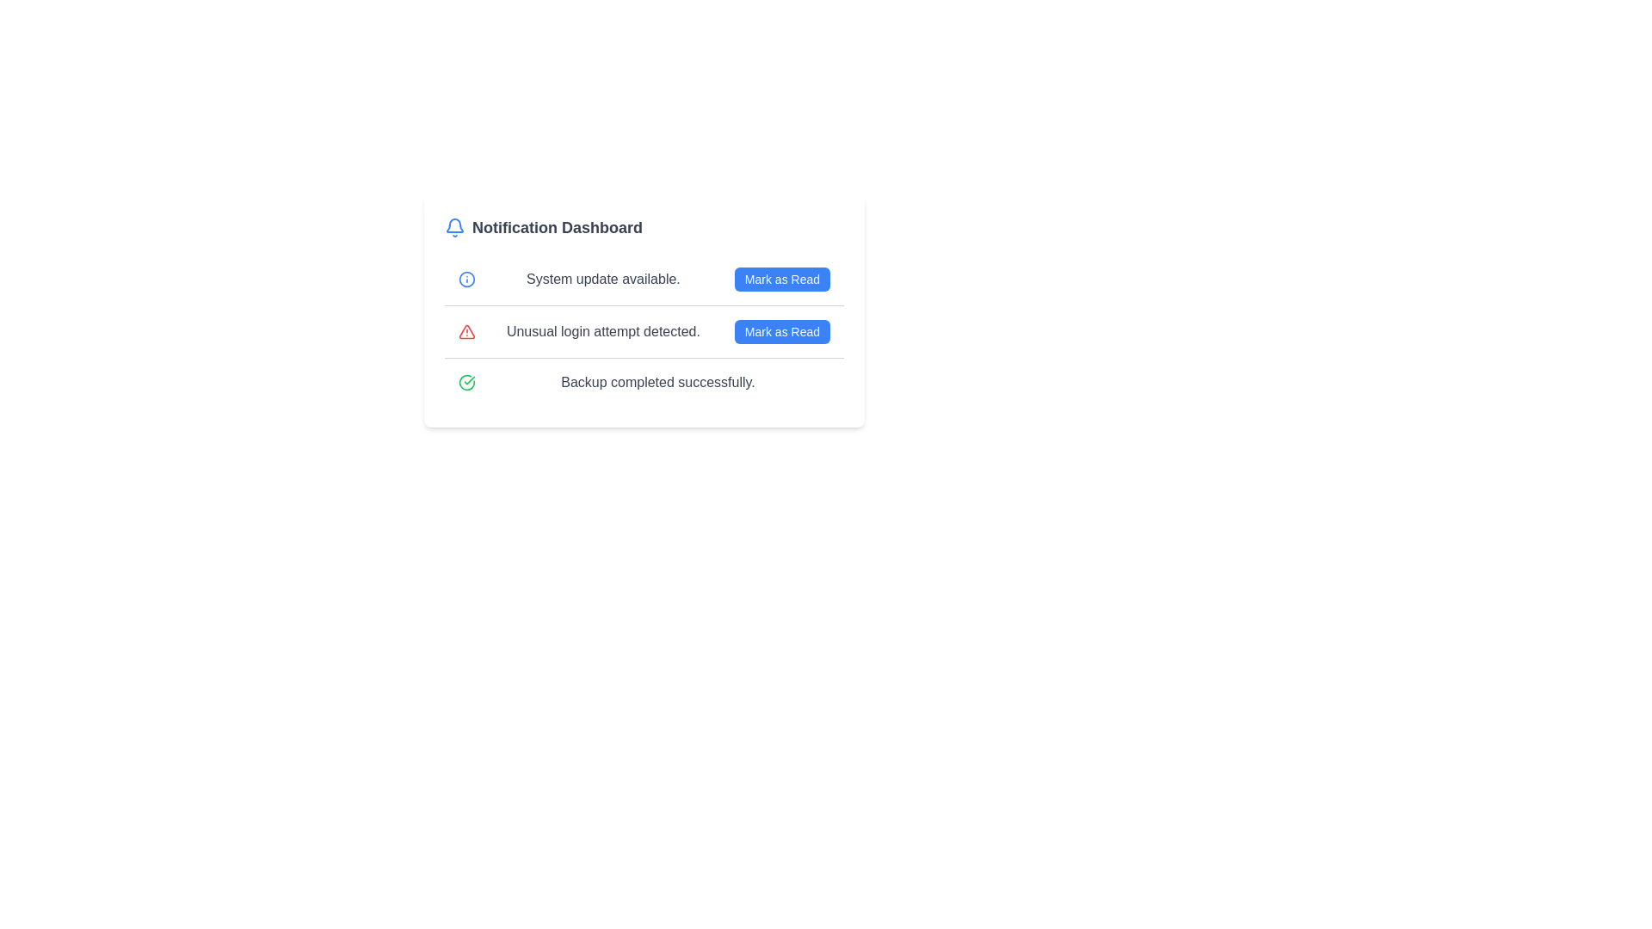 The image size is (1652, 929). What do you see at coordinates (454, 227) in the screenshot?
I see `the blue bell-shaped icon located to the left of the text 'Notification Dashboard' to interact with it` at bounding box center [454, 227].